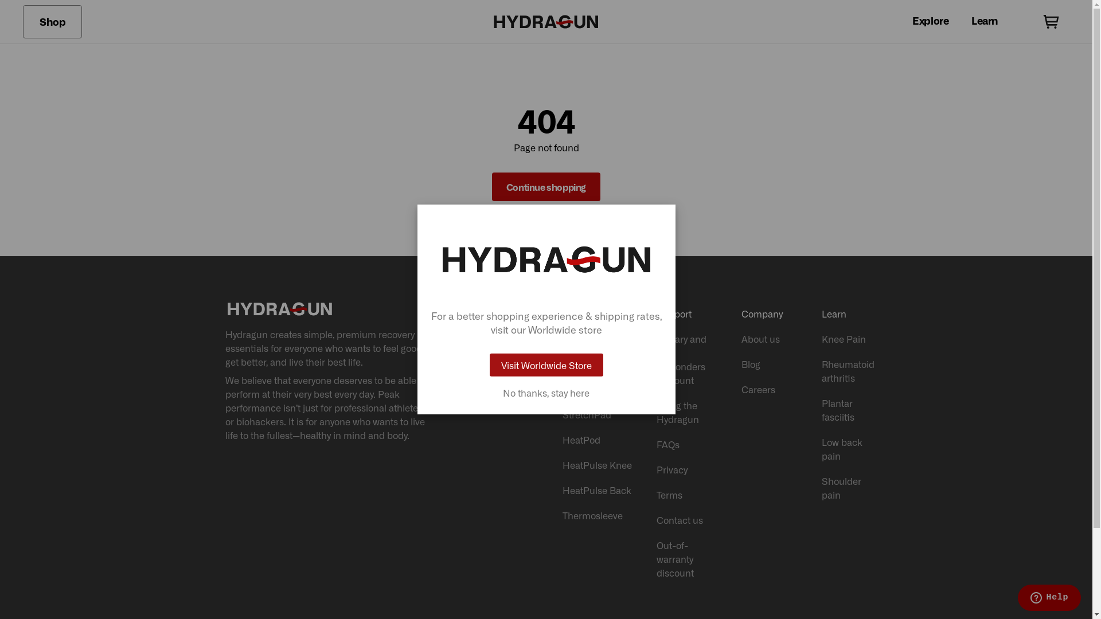 The width and height of the screenshot is (1101, 619). What do you see at coordinates (687, 519) in the screenshot?
I see `'Contact us'` at bounding box center [687, 519].